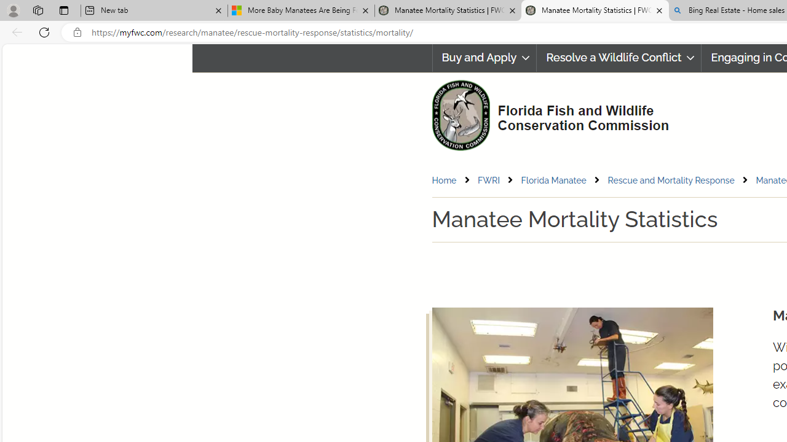  I want to click on 'Florida Manatee', so click(563, 180).